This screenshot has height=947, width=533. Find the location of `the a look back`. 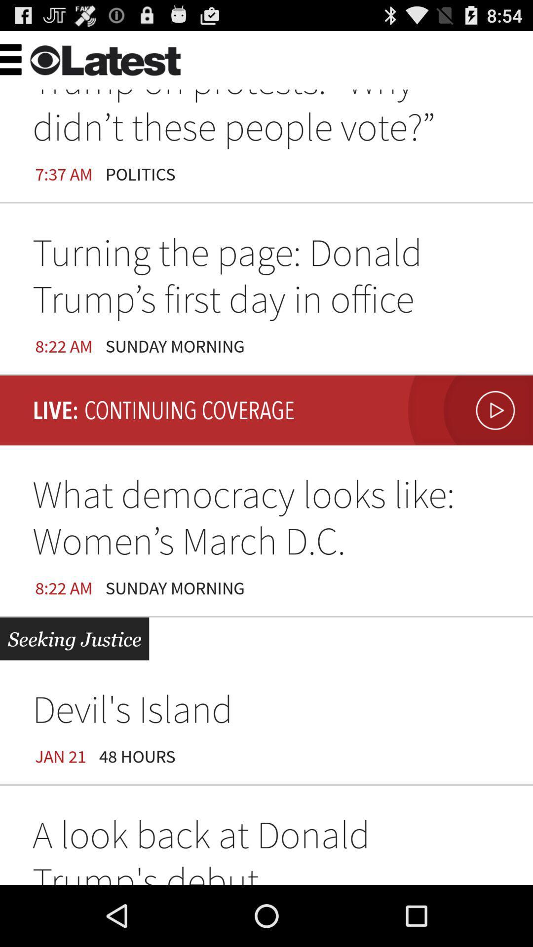

the a look back is located at coordinates (266, 847).